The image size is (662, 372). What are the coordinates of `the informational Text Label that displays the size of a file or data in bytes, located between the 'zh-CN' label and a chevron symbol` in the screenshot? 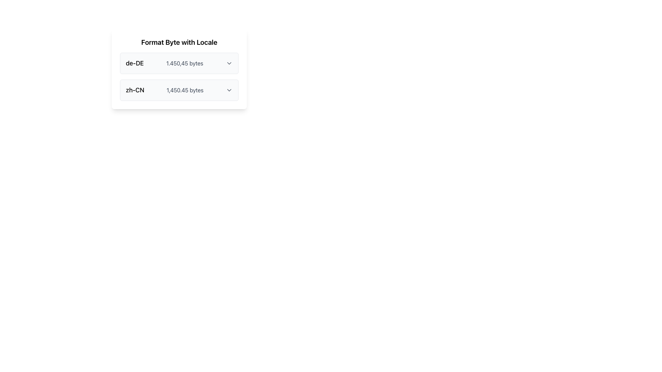 It's located at (185, 90).